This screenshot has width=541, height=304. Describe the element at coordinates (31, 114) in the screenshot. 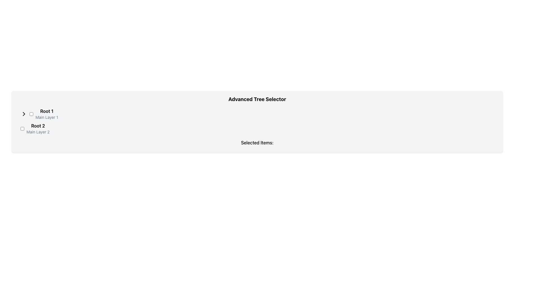

I see `the checkbox for 'Root 2'` at that location.